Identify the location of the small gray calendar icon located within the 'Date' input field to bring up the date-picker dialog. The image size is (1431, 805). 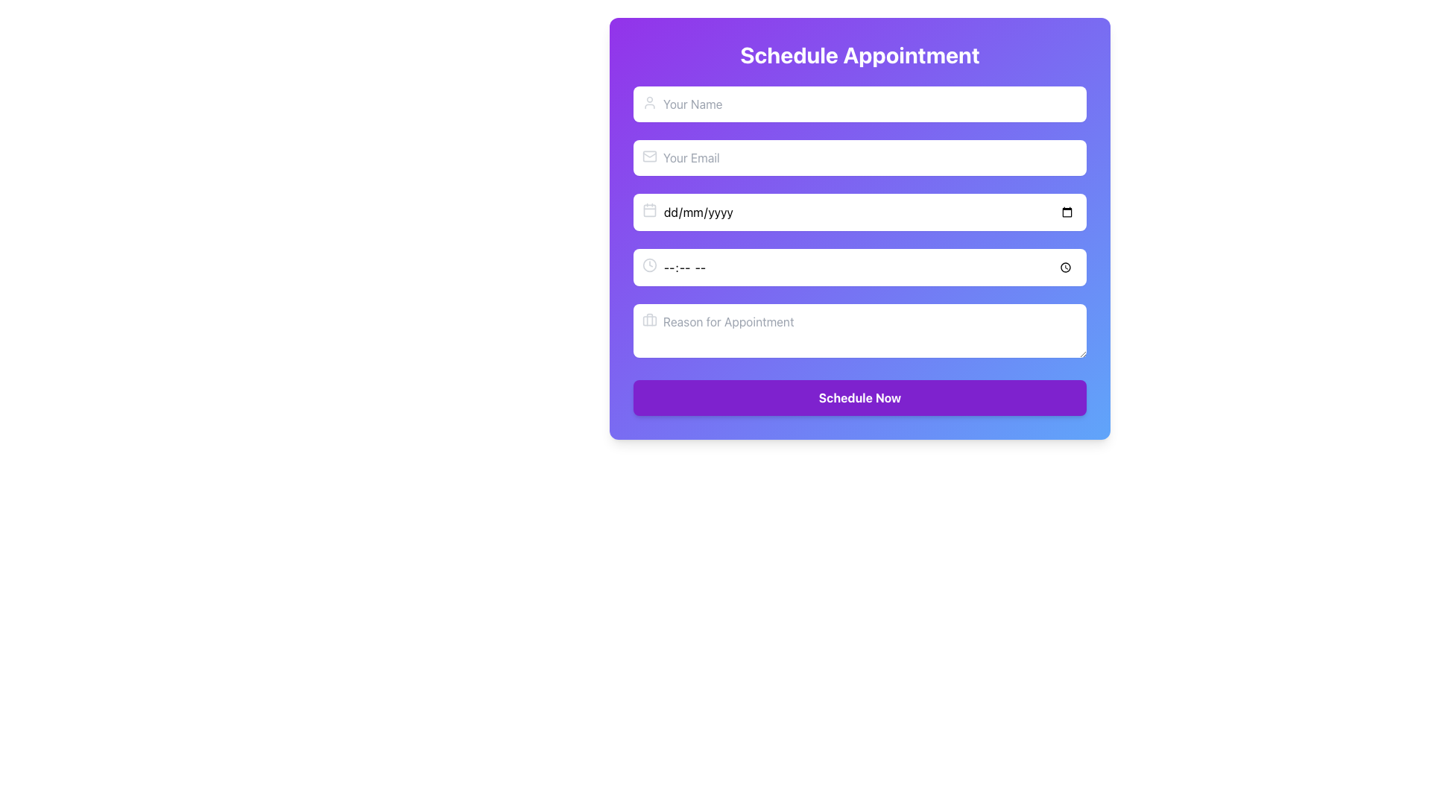
(650, 209).